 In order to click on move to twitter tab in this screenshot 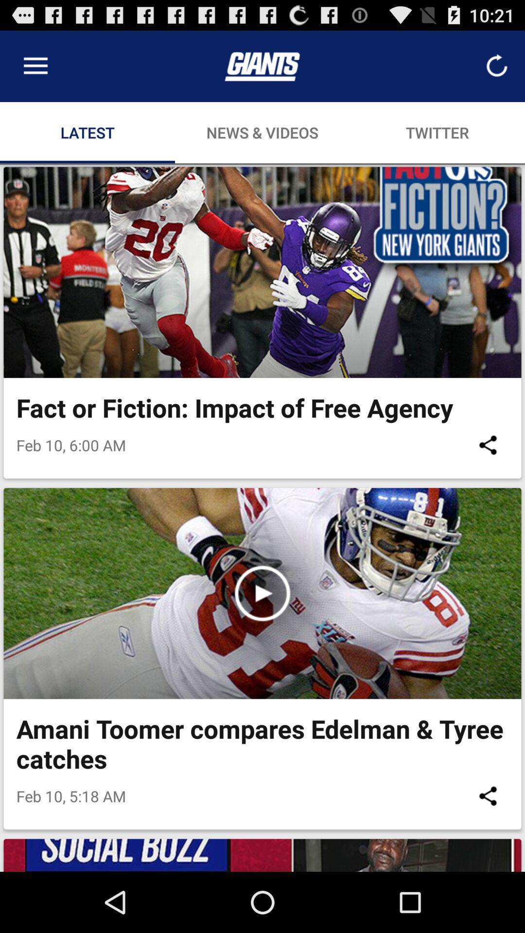, I will do `click(437, 132)`.